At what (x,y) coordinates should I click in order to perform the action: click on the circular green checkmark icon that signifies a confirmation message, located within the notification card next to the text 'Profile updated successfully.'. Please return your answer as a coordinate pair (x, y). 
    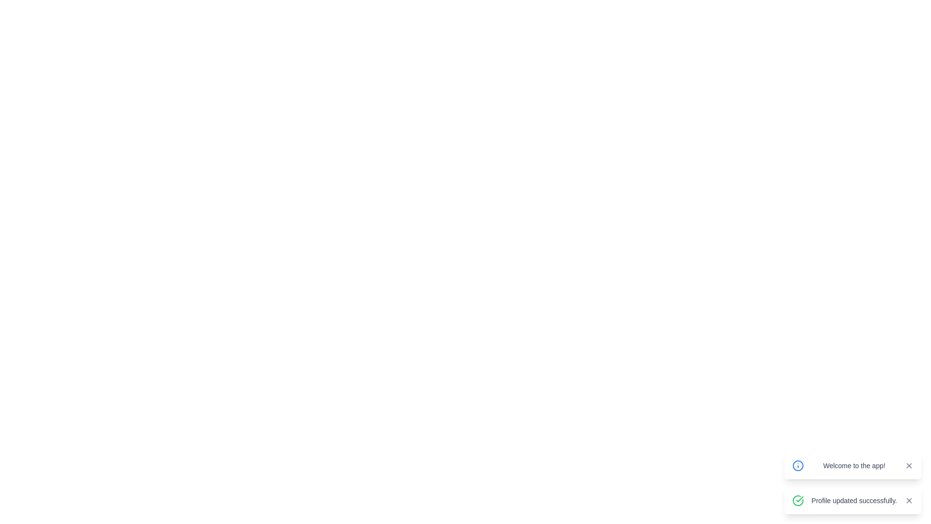
    Looking at the image, I should click on (798, 501).